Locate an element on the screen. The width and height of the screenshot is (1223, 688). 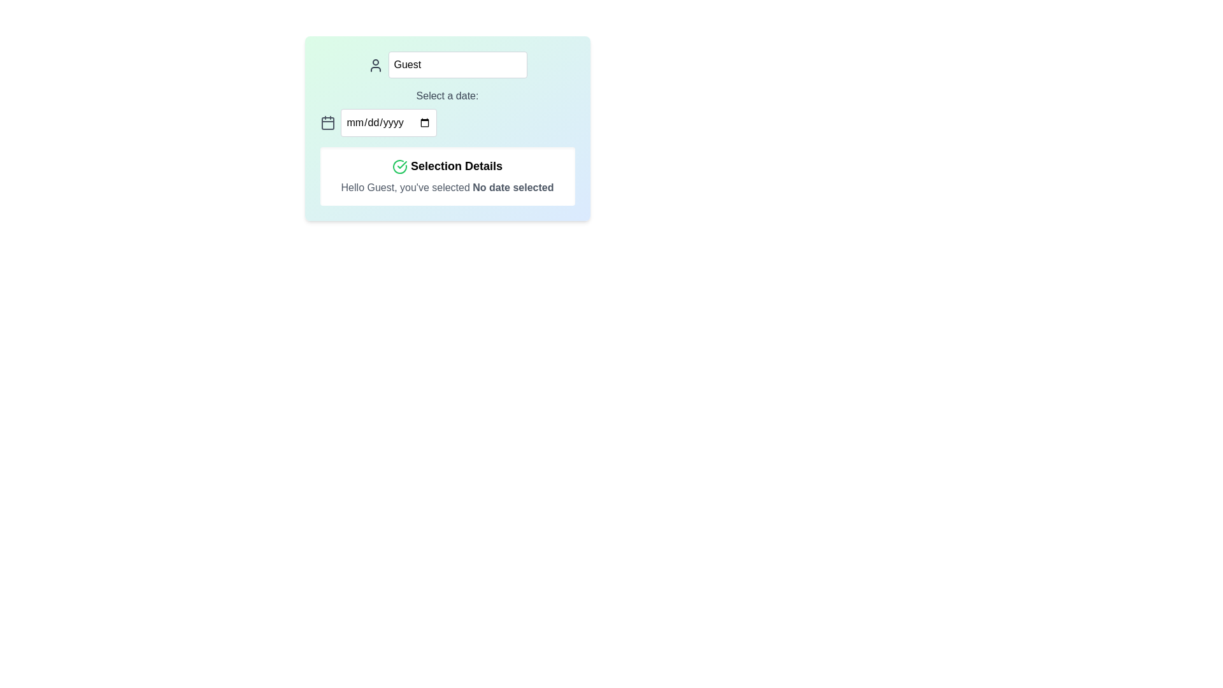
the confirmation icon located within the checkmark icon under the 'Selection Details' heading is located at coordinates (401, 164).